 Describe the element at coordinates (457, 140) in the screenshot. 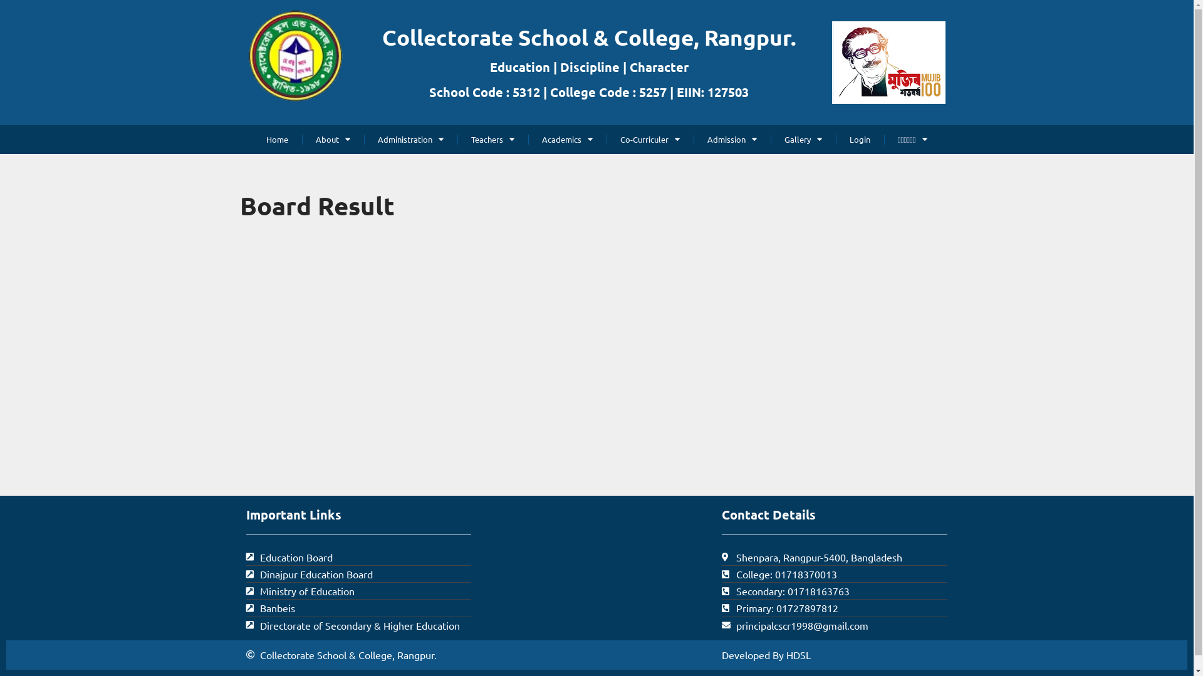

I see `'Teachers'` at that location.